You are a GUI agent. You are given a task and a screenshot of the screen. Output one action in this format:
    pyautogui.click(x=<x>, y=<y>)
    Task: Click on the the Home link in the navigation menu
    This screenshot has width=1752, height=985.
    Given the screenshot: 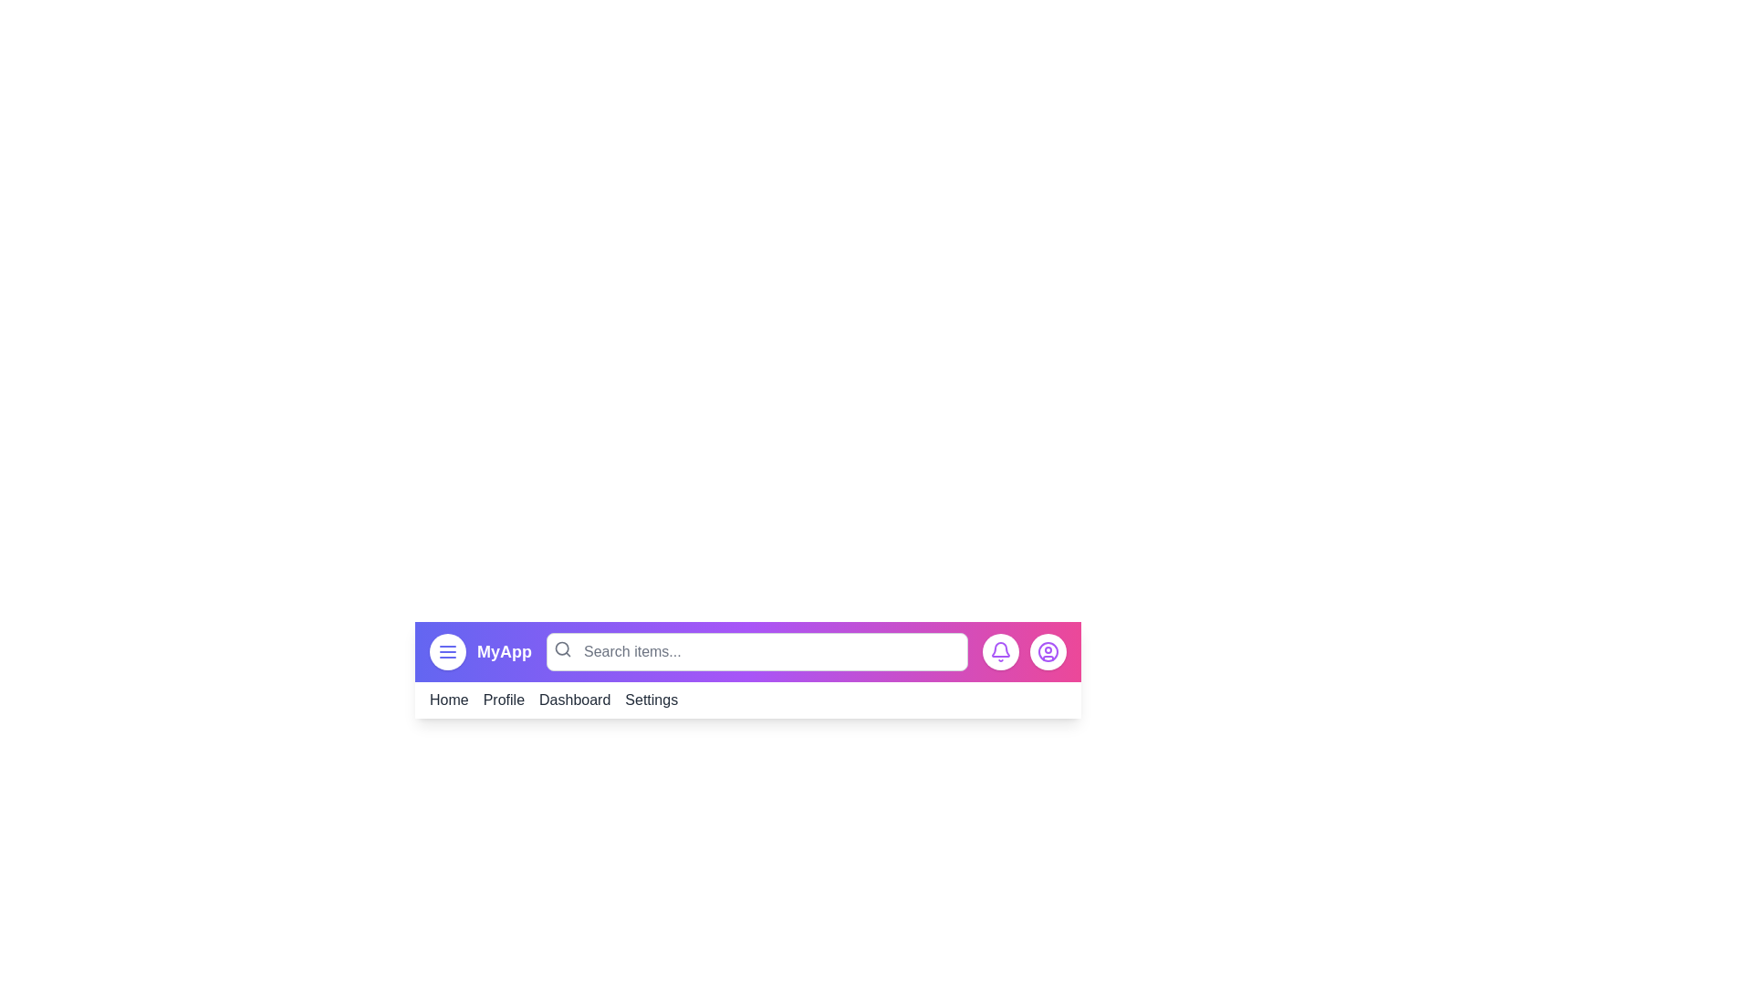 What is the action you would take?
    pyautogui.click(x=448, y=699)
    